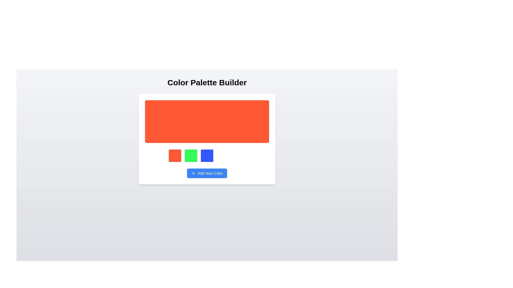 Image resolution: width=513 pixels, height=288 pixels. Describe the element at coordinates (191, 155) in the screenshot. I see `the second button` at that location.